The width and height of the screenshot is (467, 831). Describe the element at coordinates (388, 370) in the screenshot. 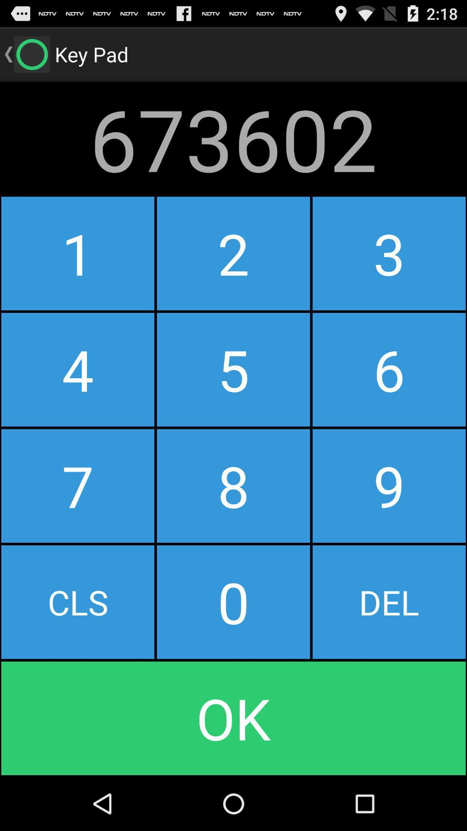

I see `icon below 2` at that location.